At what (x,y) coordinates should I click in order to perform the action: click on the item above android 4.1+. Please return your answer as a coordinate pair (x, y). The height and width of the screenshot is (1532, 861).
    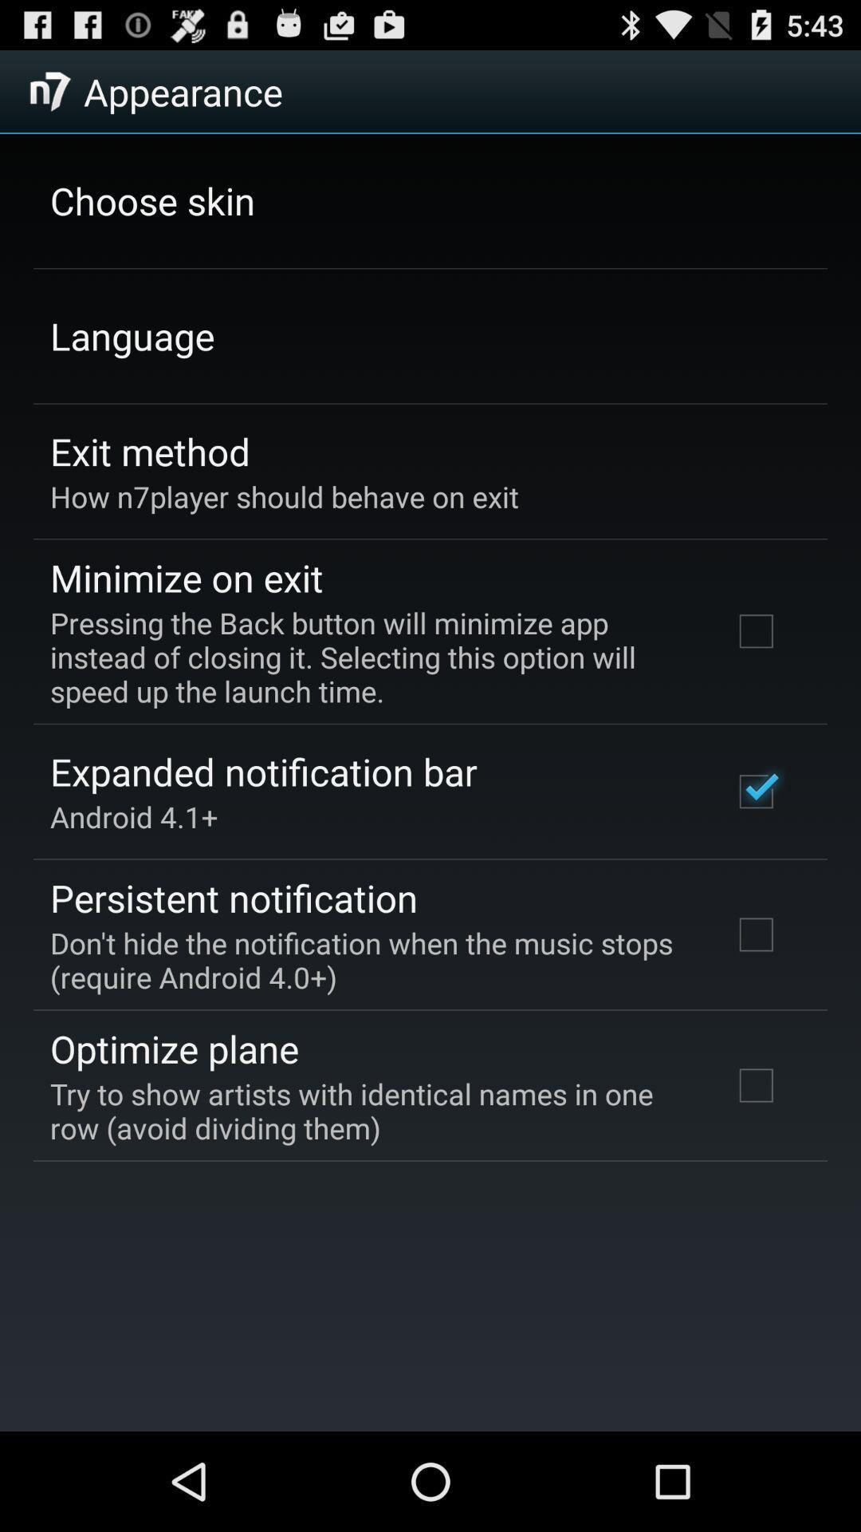
    Looking at the image, I should click on (262, 772).